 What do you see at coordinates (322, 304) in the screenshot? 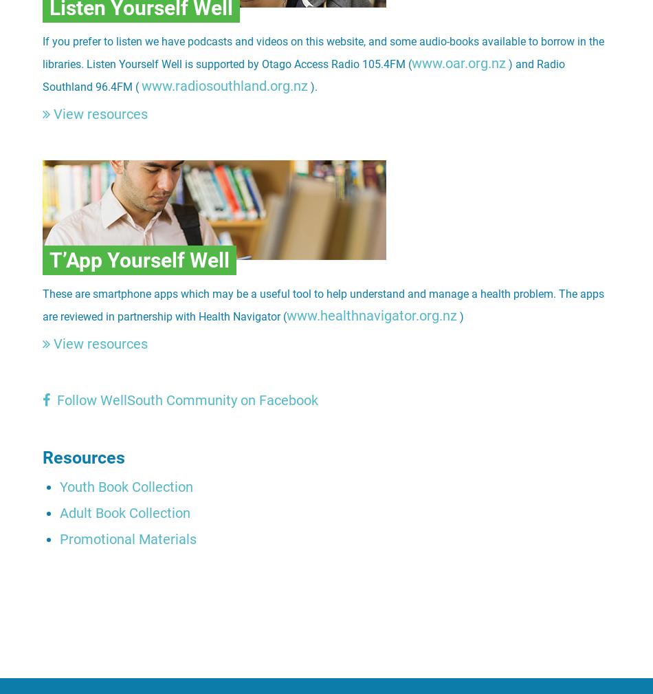
I see `'These are smartphone apps which may be a useful tool to help understand and manage a health problem. The apps are reviewed in partnership with Health Navigator ('` at bounding box center [322, 304].